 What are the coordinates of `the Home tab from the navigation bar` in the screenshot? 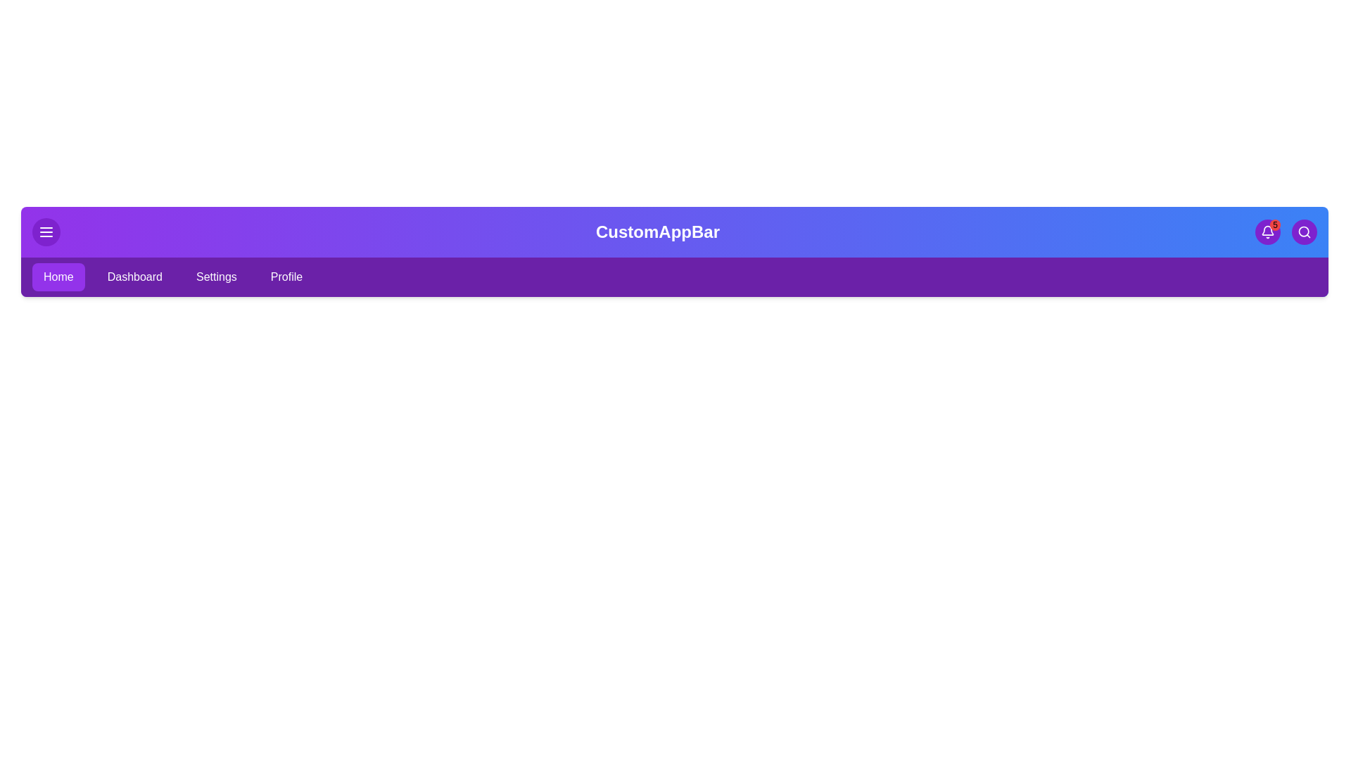 It's located at (57, 277).